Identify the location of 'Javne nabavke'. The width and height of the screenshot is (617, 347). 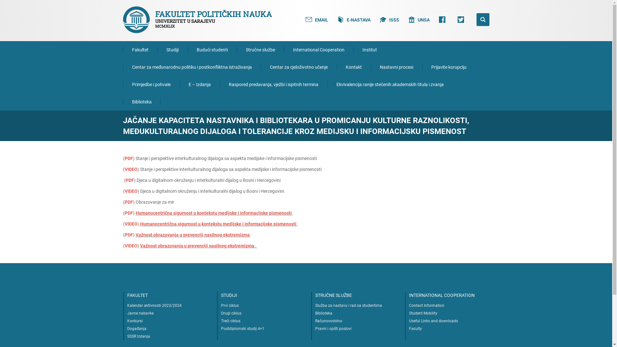
(127, 313).